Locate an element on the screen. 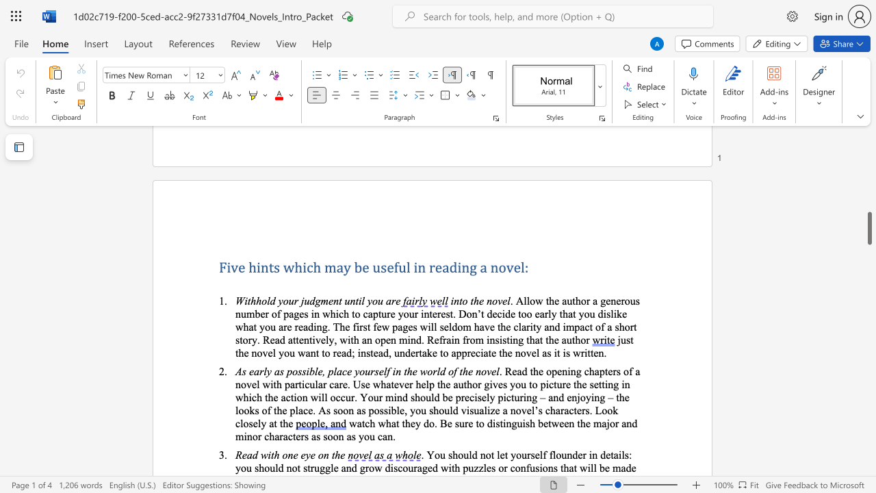 The image size is (876, 493). the 1th character "y" in the text is located at coordinates (400, 314).